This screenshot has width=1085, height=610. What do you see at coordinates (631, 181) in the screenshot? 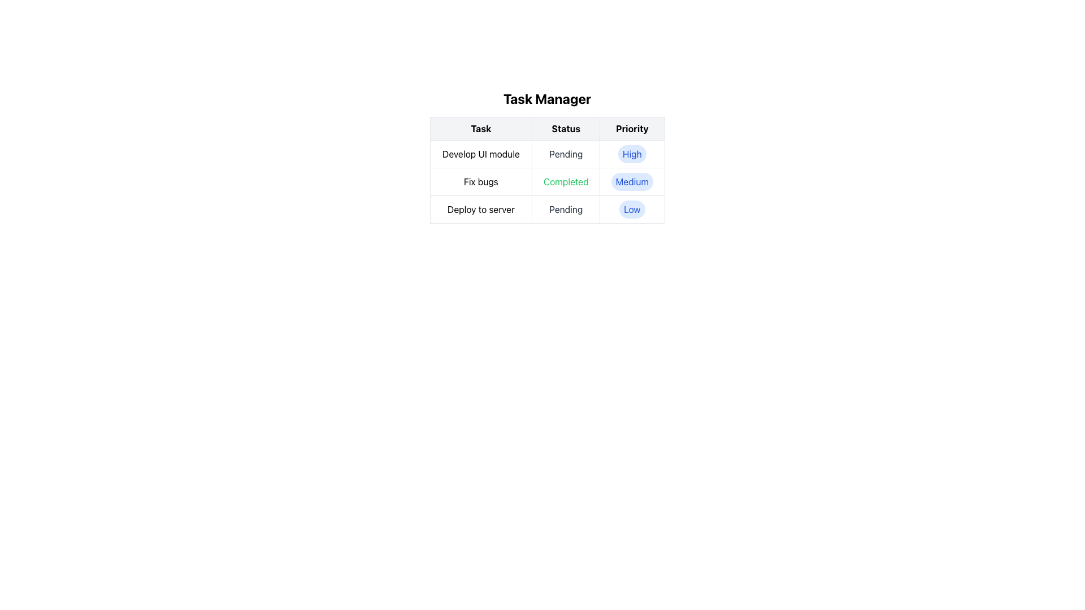
I see `the UI chip element styled as a button with the text 'Medium' in the 'Priority' column of the second row of the table, which has a blue background and is the third element in its row` at bounding box center [631, 181].